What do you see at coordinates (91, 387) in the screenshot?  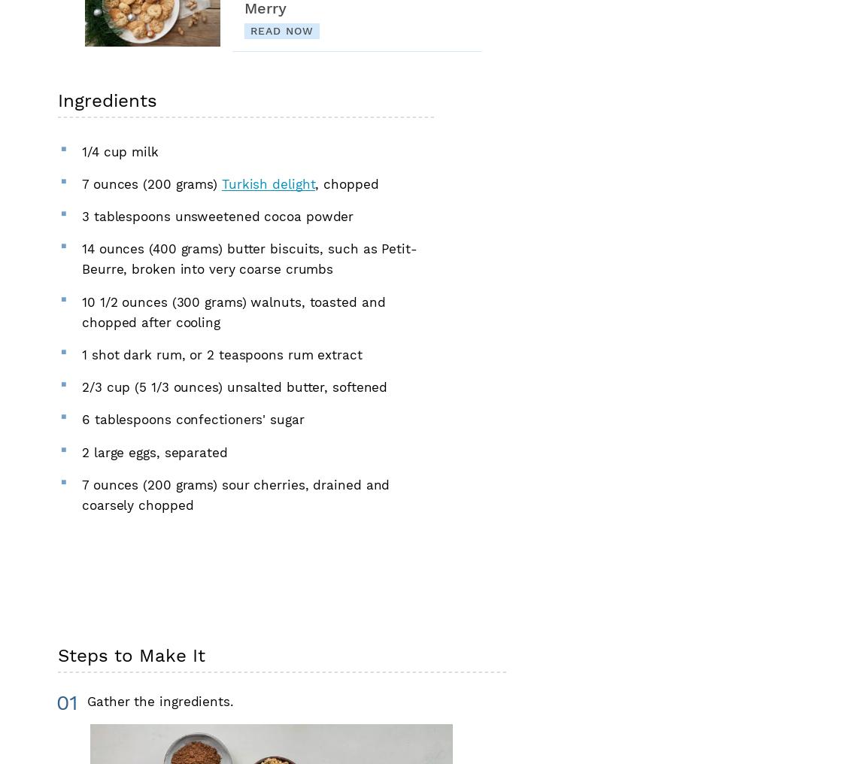 I see `'2/3'` at bounding box center [91, 387].